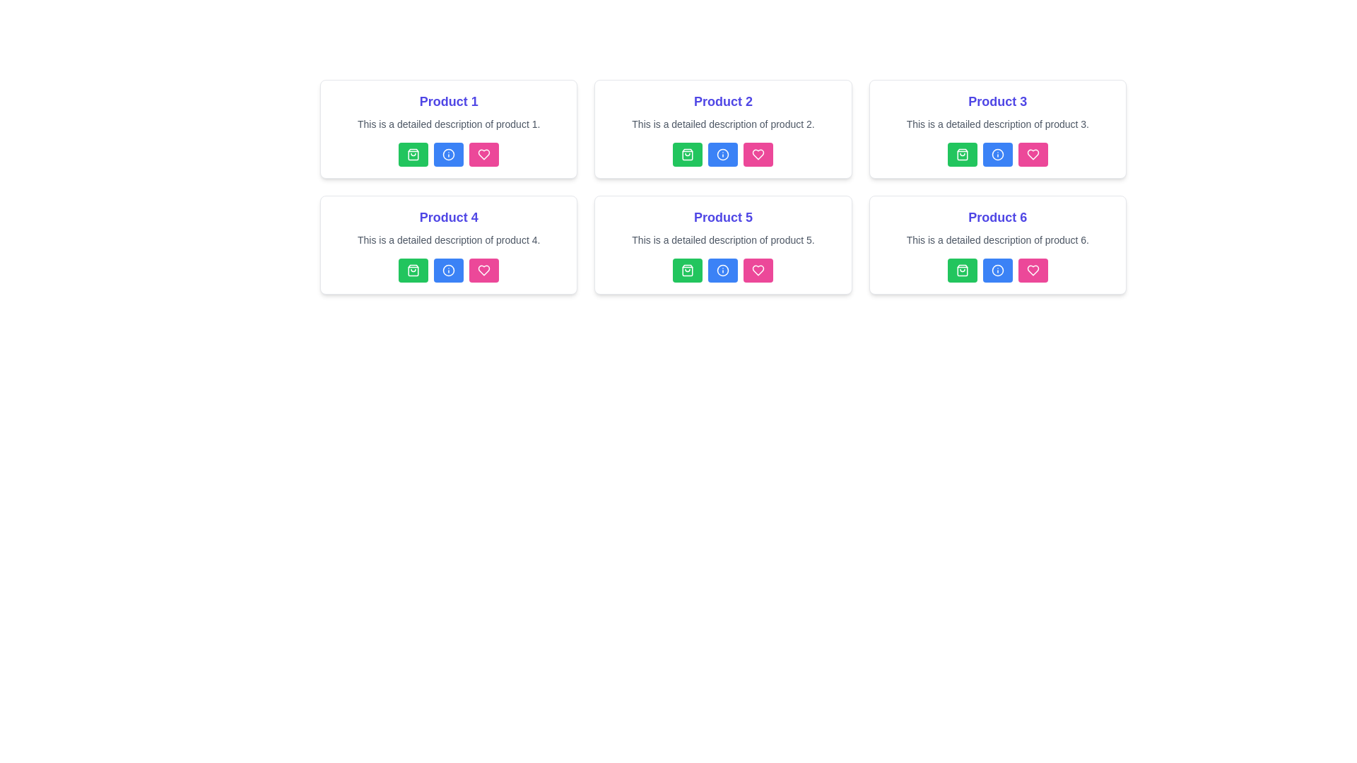 The image size is (1357, 763). What do you see at coordinates (1033, 155) in the screenshot?
I see `the 'like' or 'favorite' icon button located in the bottom-right section of 'Product 3' card` at bounding box center [1033, 155].